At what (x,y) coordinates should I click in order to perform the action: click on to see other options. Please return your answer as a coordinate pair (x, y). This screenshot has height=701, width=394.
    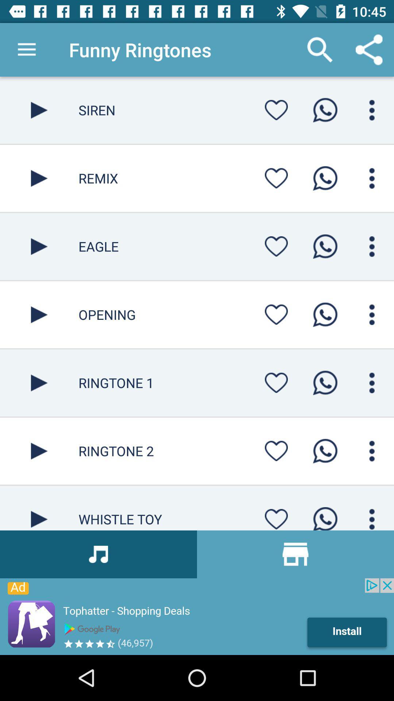
    Looking at the image, I should click on (372, 315).